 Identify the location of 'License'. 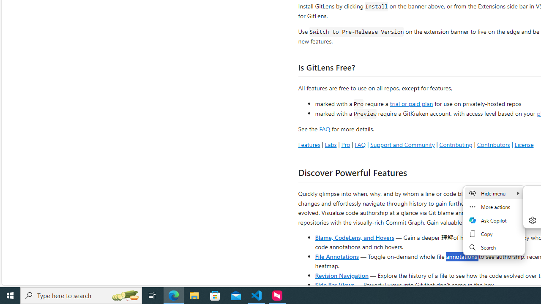
(524, 144).